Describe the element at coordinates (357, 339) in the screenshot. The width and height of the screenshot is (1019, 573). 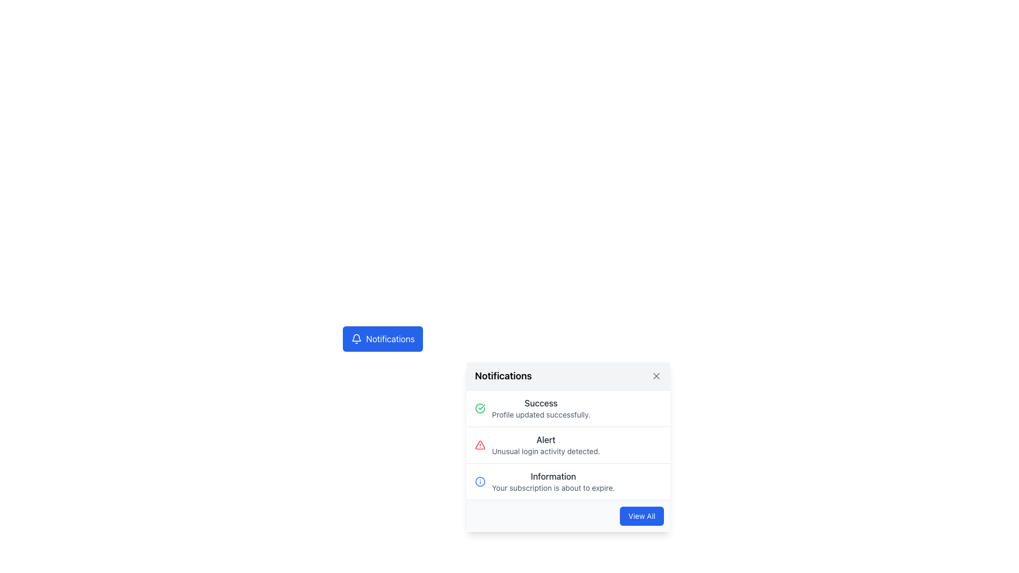
I see `the bell icon located at the left end of the 'Notifications' button` at that location.